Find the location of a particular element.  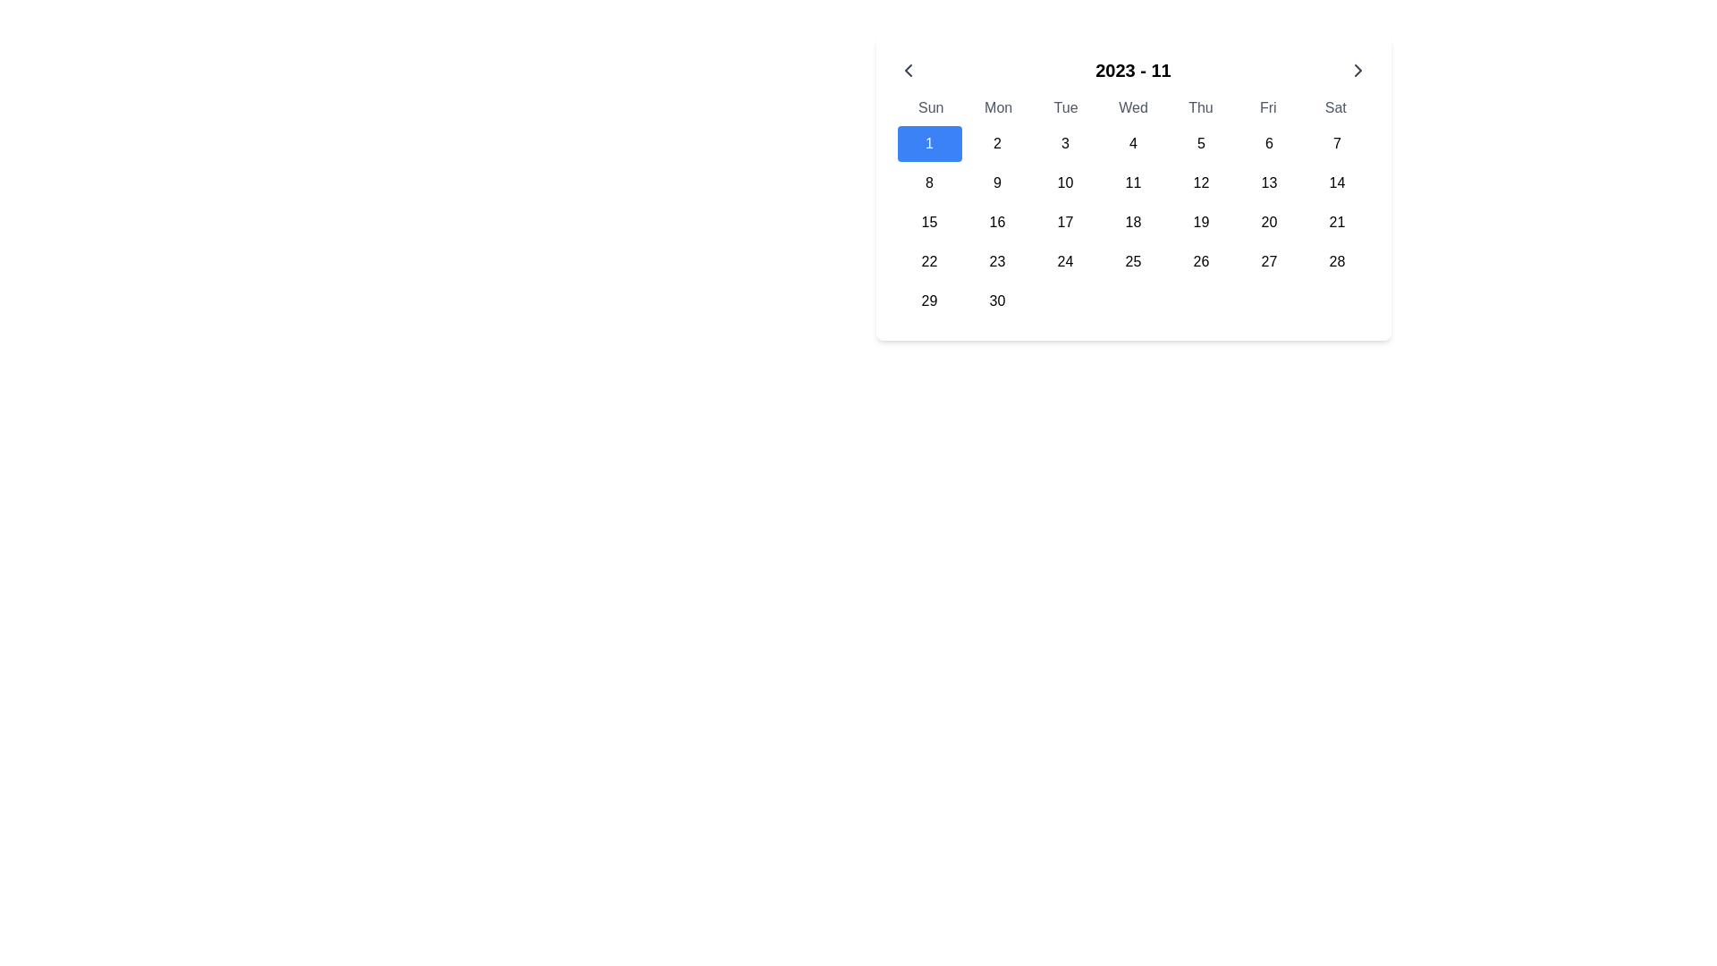

the centered rectangular button displaying the text '17' under the column labeled 'Thu' in the fifth row of the calendar grid is located at coordinates (1065, 222).